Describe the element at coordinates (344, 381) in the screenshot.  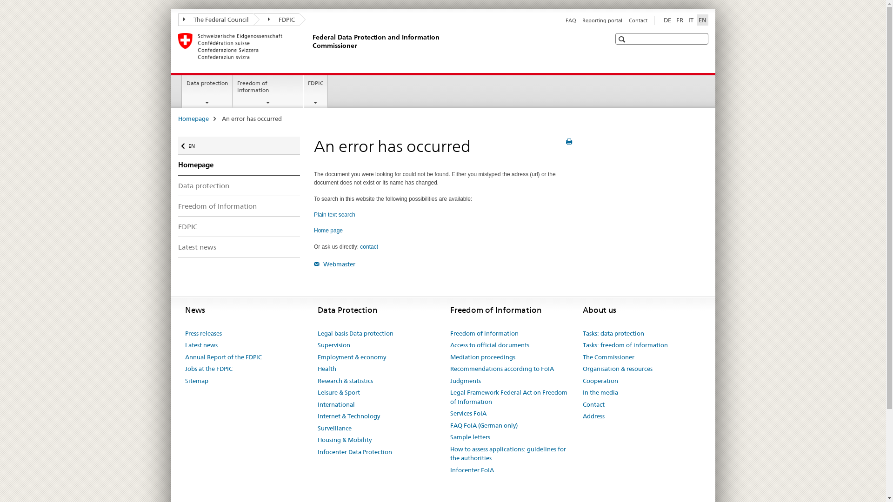
I see `'Research & statistics'` at that location.